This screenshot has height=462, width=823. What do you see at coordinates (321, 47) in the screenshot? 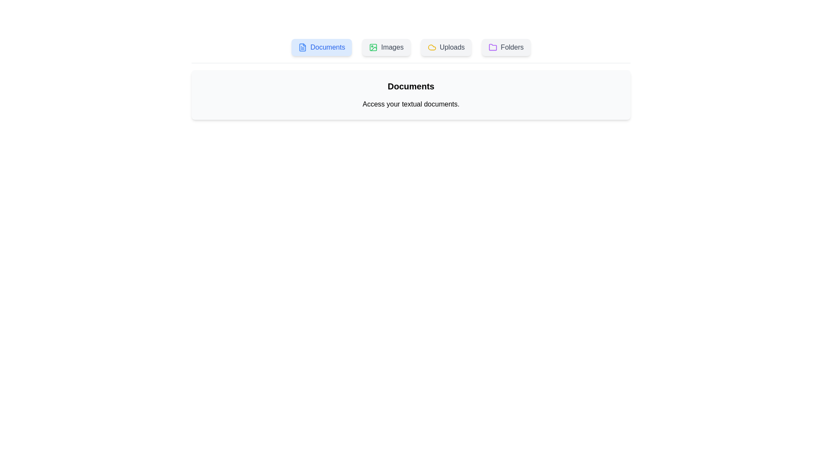
I see `the 'Documents' tab to view its content` at bounding box center [321, 47].